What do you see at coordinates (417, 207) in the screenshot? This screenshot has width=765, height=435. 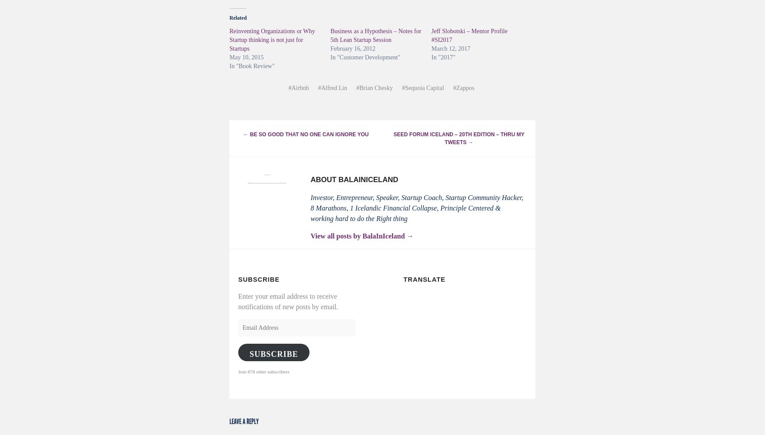 I see `'Investor, Entrepreneur, Speaker, Startup Coach, Startup Community Hacker, 8 Marathons, 1 Icelandic Financial Collapse, Principle Centered & working hard to do the Right thing'` at bounding box center [417, 207].